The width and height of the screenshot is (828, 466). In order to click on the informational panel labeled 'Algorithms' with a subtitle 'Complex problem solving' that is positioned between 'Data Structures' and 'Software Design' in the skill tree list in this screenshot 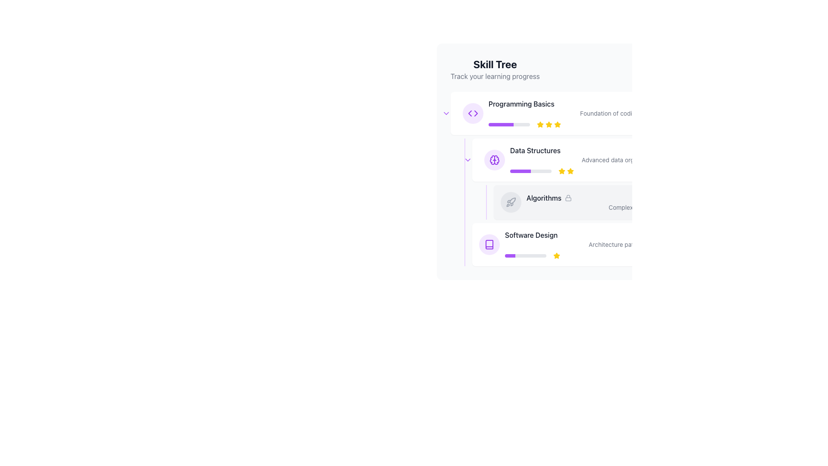, I will do `click(620, 179)`.